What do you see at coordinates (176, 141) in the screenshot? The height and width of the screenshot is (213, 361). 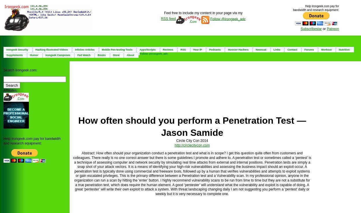 I see `'Circle City Con 2014'` at bounding box center [176, 141].